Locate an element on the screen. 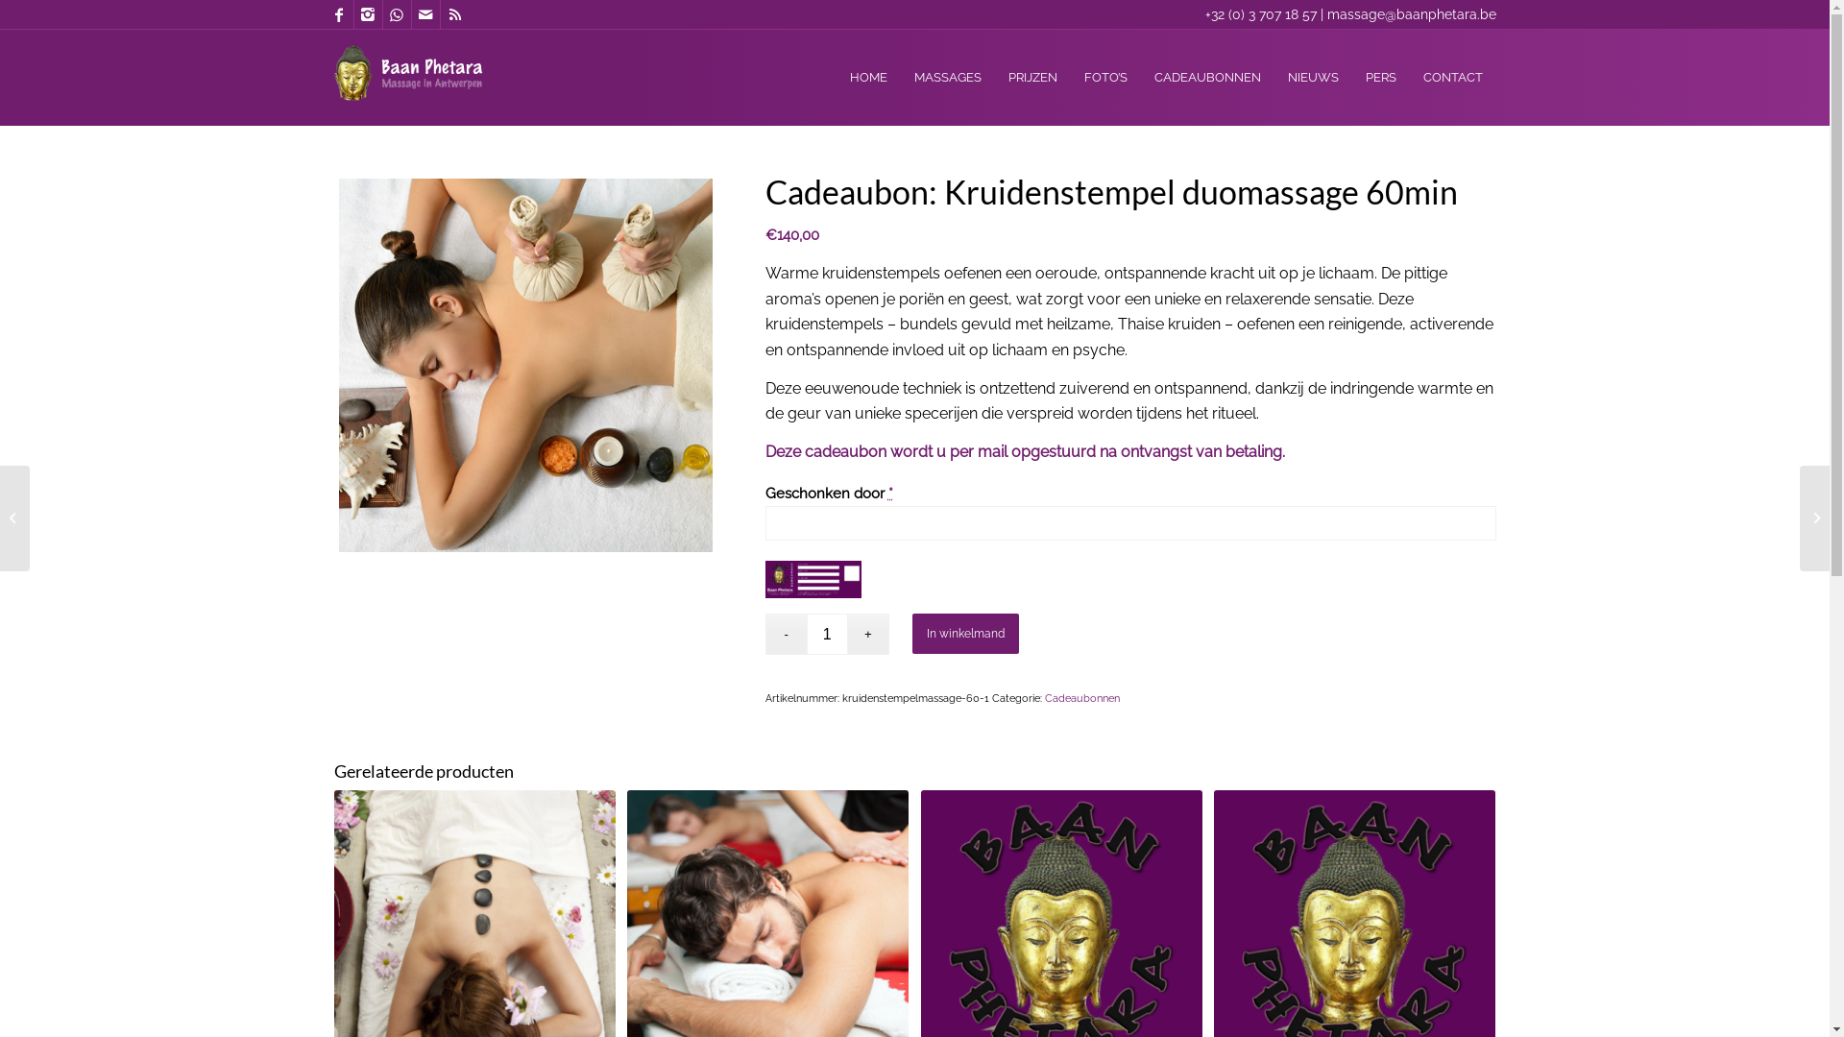 This screenshot has width=1844, height=1037. 'In winkelmand' is located at coordinates (965, 633).